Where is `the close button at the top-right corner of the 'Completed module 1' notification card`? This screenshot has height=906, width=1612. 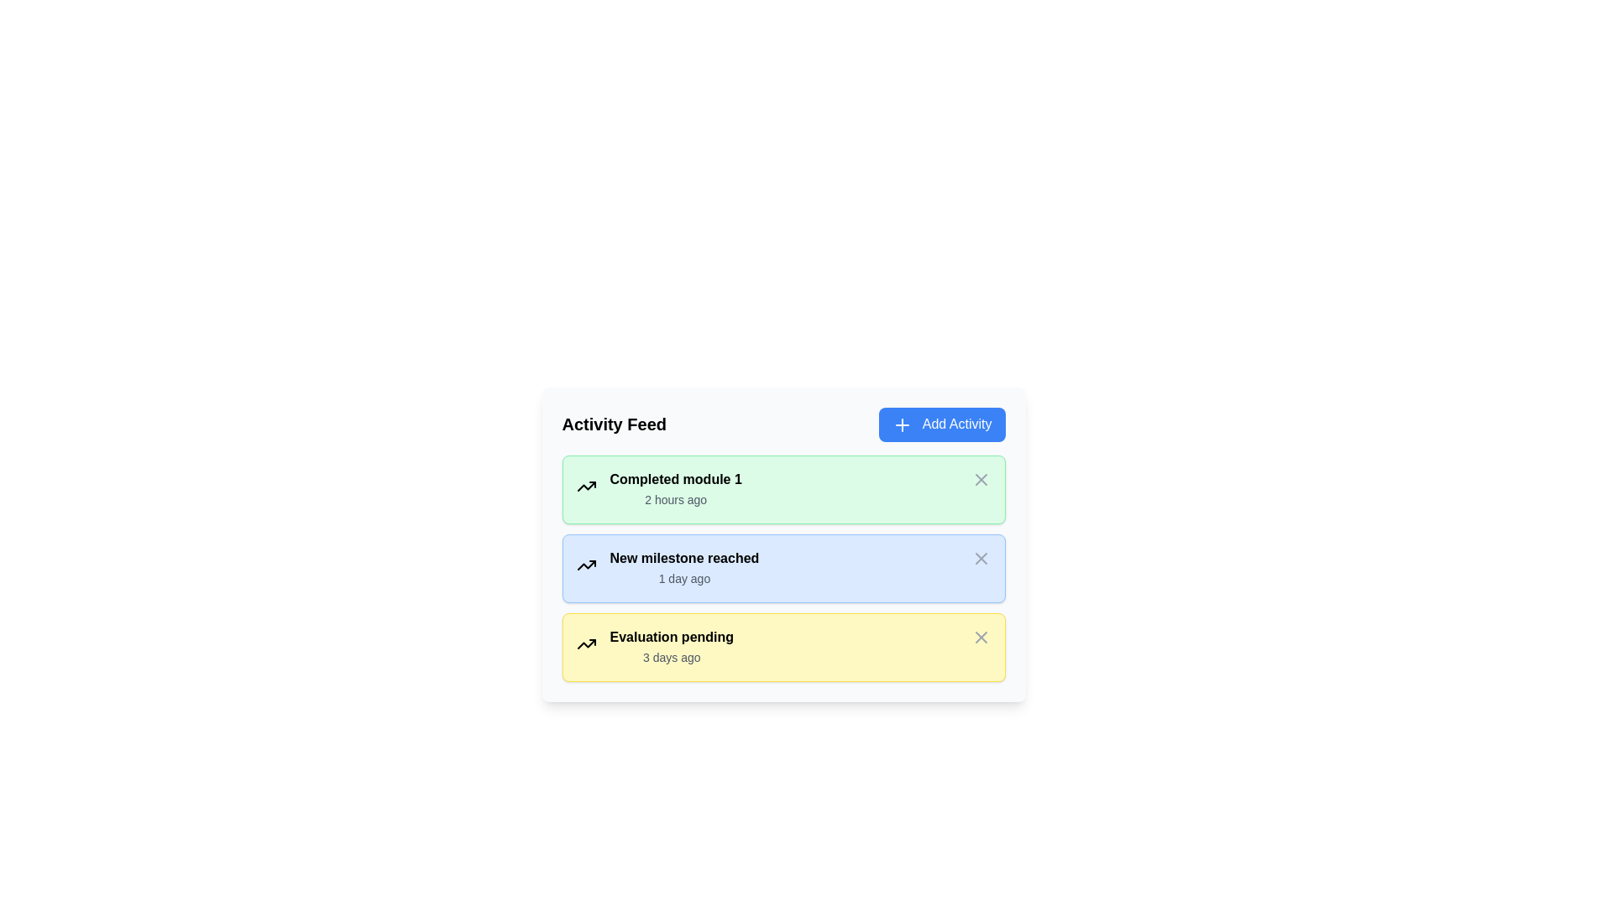
the close button at the top-right corner of the 'Completed module 1' notification card is located at coordinates (981, 479).